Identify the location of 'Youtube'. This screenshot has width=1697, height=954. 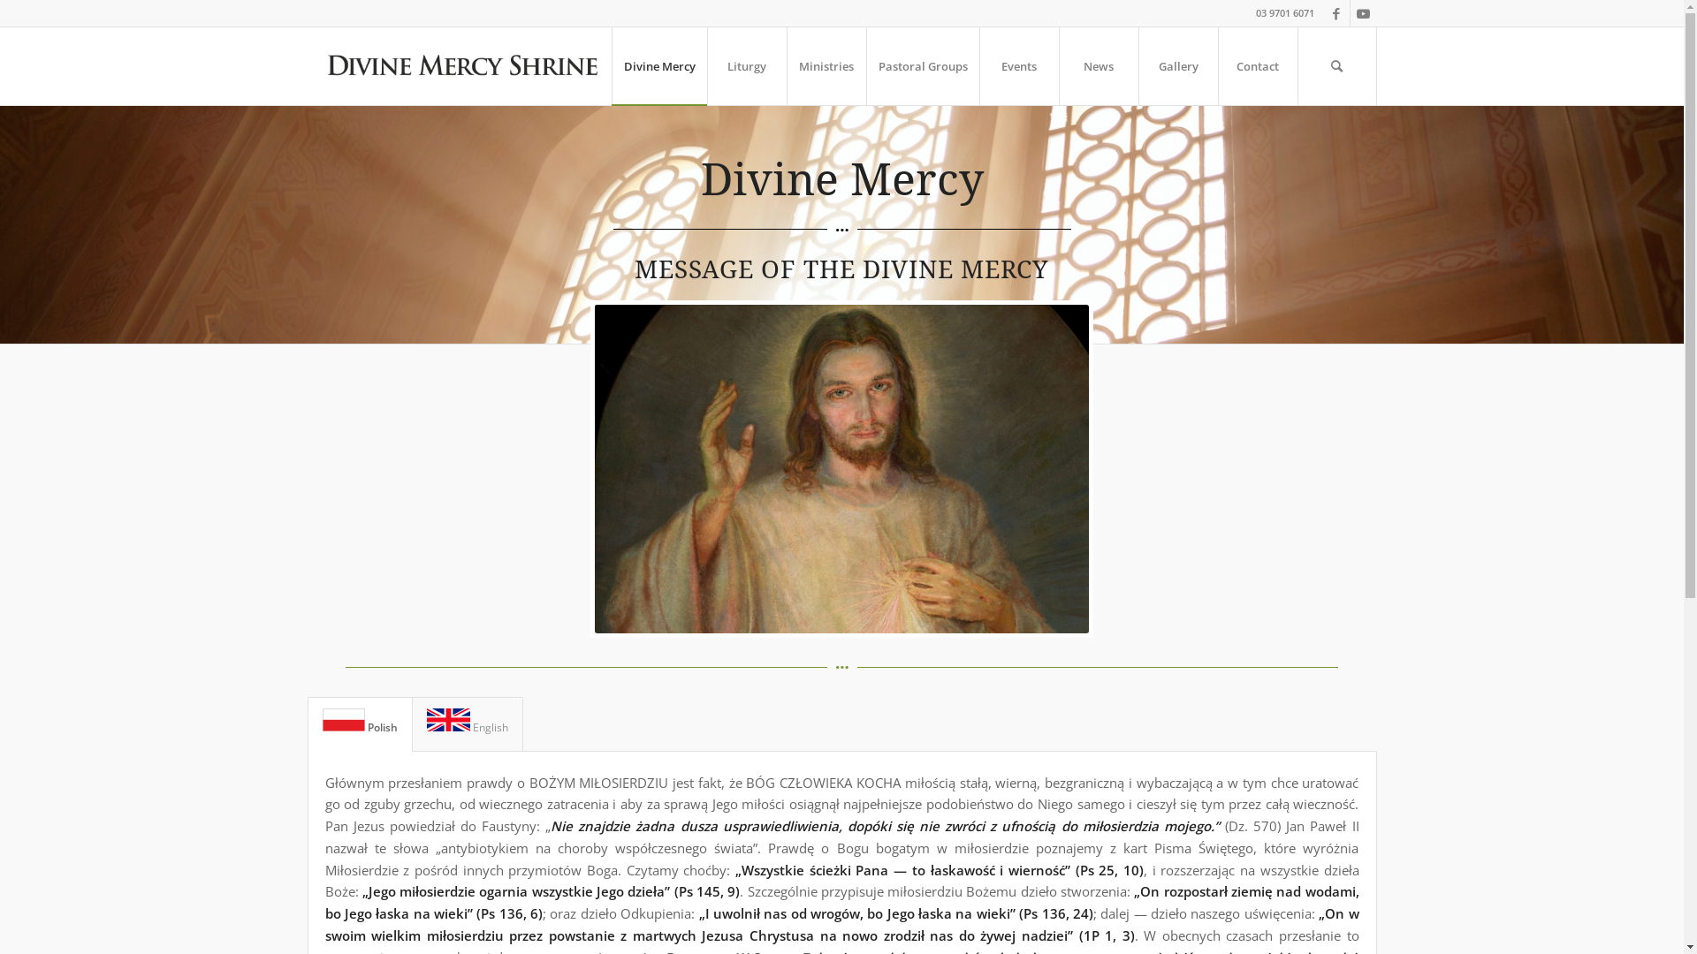
(1362, 13).